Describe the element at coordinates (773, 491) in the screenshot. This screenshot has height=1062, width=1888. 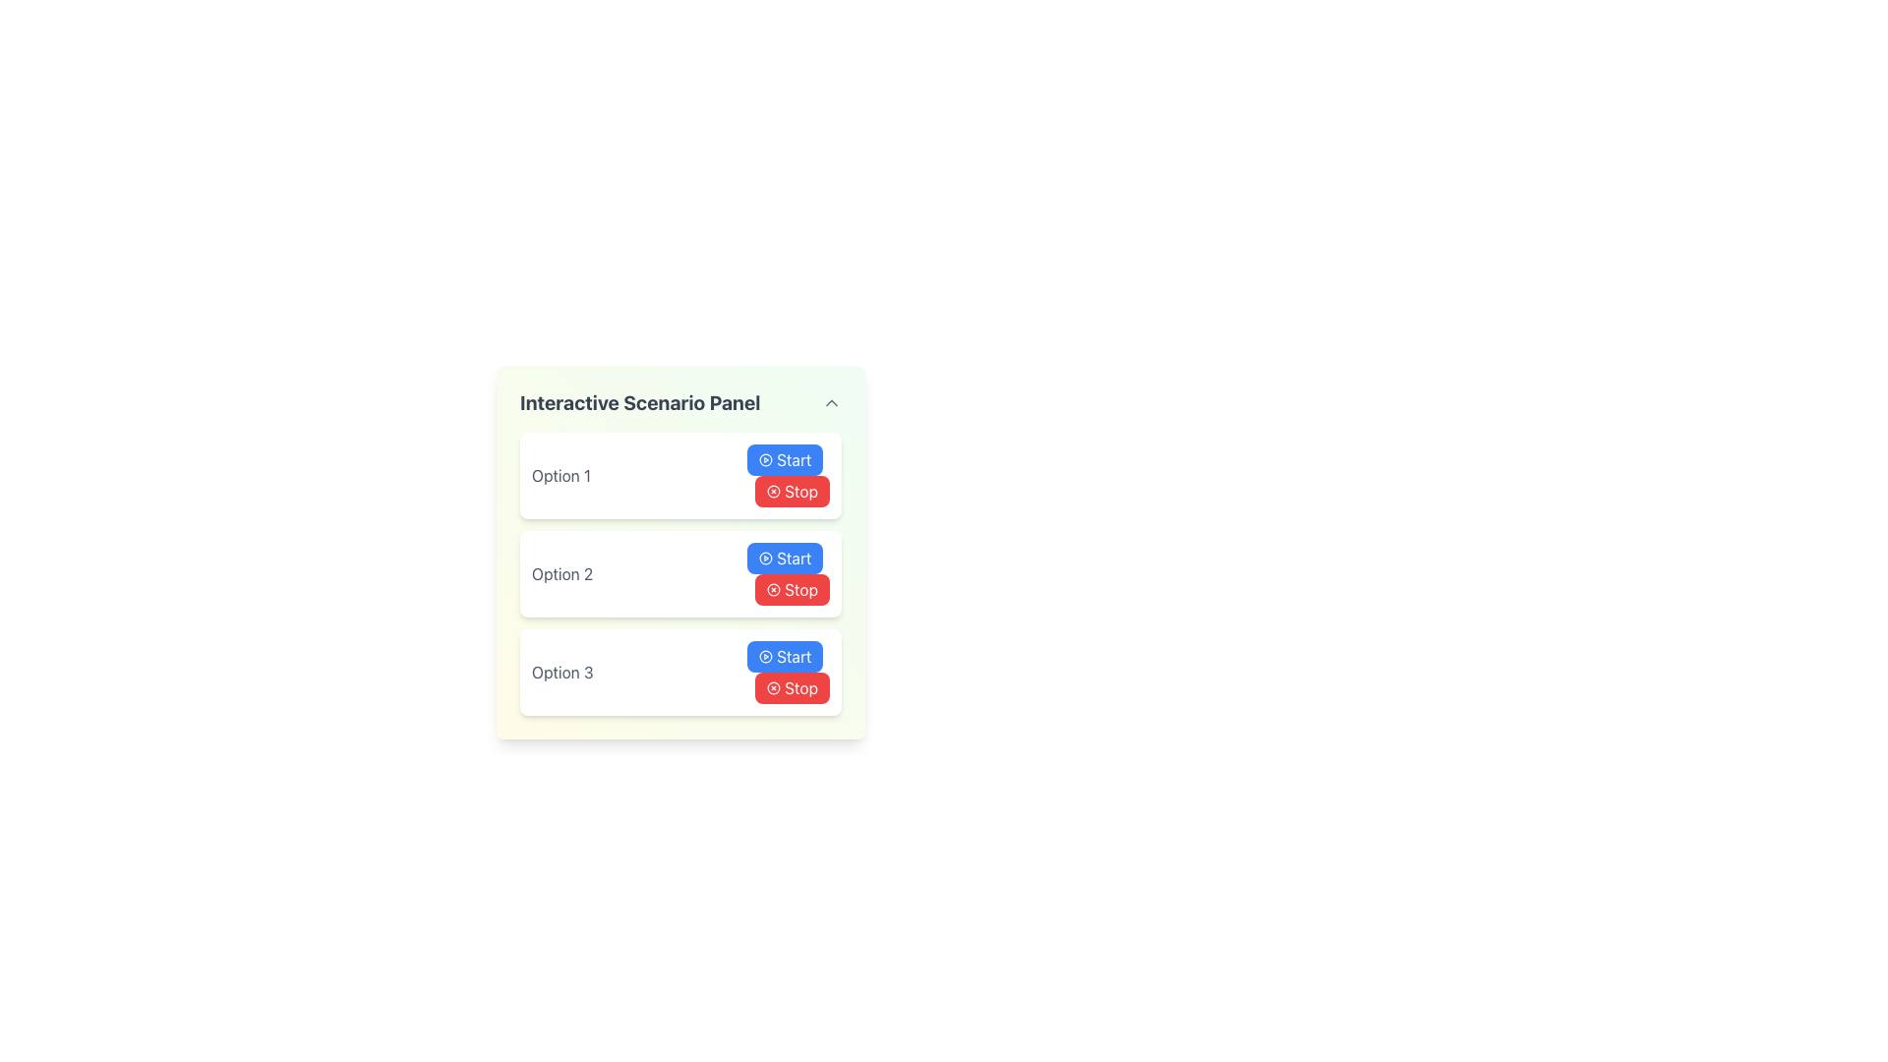
I see `the decorative icon within the red 'Stop' button, which indicates its function to stop an ongoing process` at that location.